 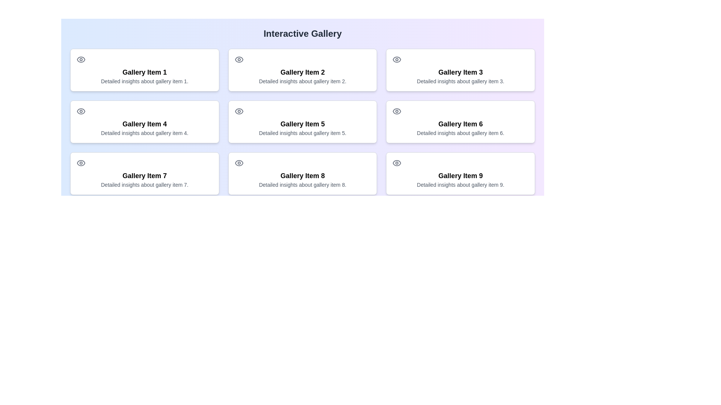 What do you see at coordinates (303, 132) in the screenshot?
I see `text component that displays 'Detailed insights about gallery item 5.' located below the title 'Gallery Item 5' in the fifth gallery item card` at bounding box center [303, 132].